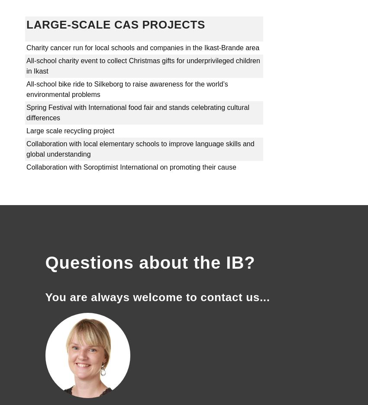 The image size is (368, 405). I want to click on 'You are always welcome to contact us...', so click(157, 297).